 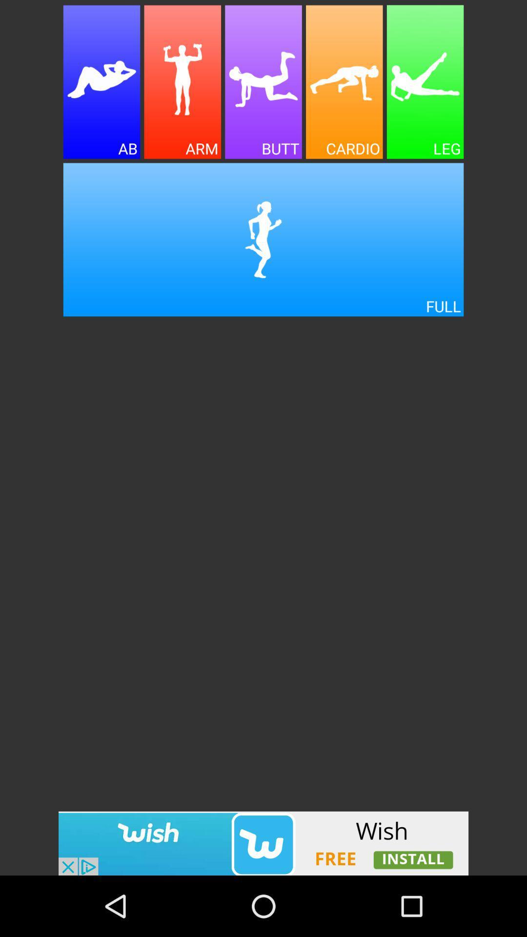 What do you see at coordinates (182, 82) in the screenshot?
I see `share the article` at bounding box center [182, 82].